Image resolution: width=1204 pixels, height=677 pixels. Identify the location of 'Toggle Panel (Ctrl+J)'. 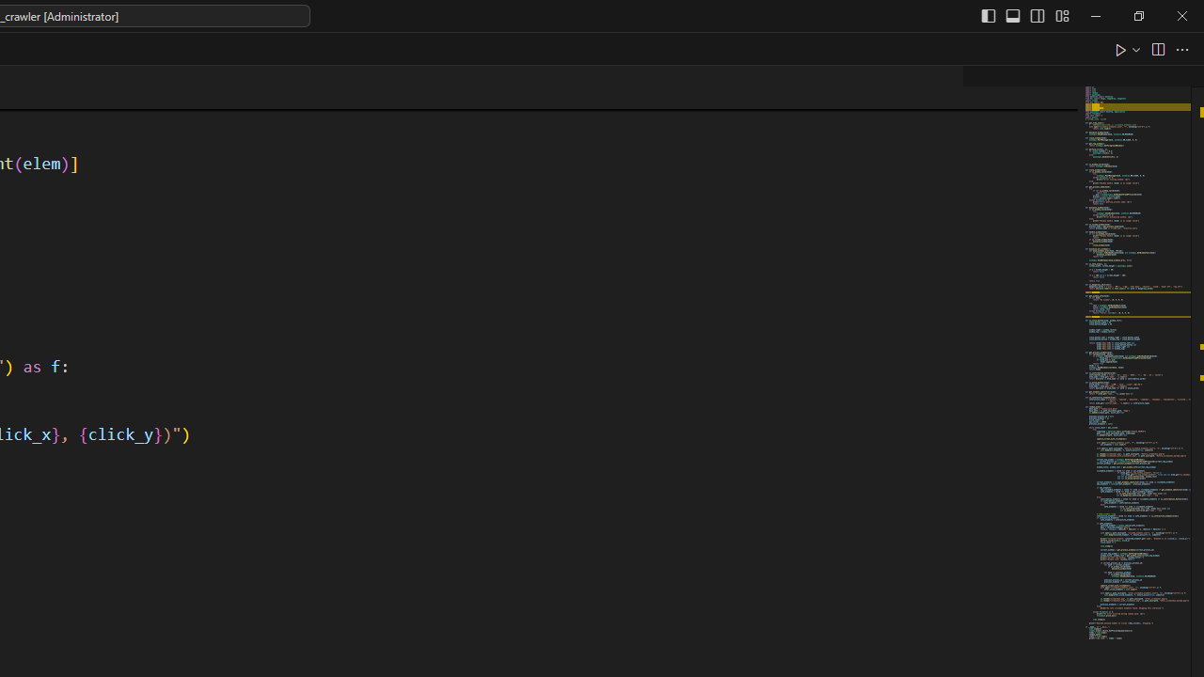
(1012, 15).